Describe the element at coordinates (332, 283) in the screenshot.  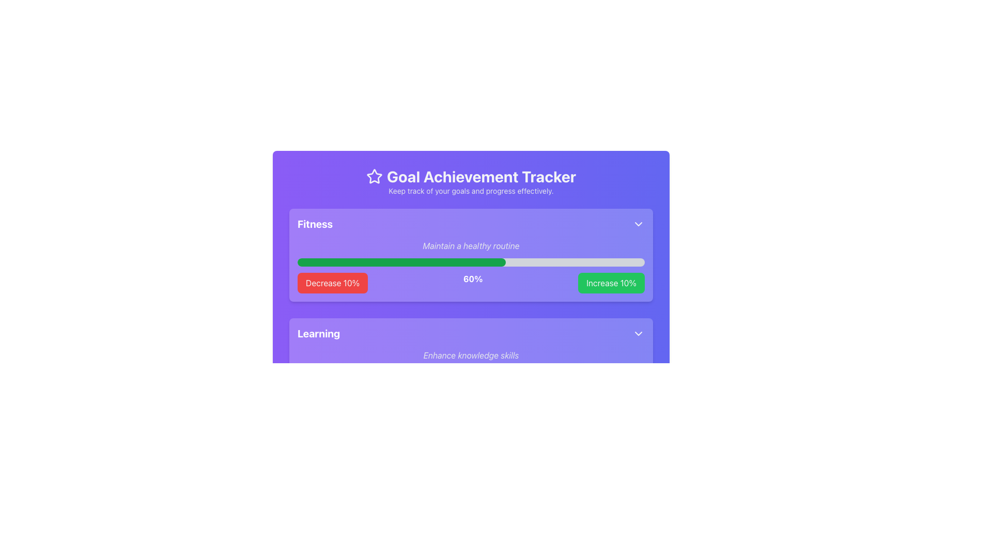
I see `the leftmost button with a bright red background and white text 'Decrease 10%' to decrease the value in the Fitness section` at that location.